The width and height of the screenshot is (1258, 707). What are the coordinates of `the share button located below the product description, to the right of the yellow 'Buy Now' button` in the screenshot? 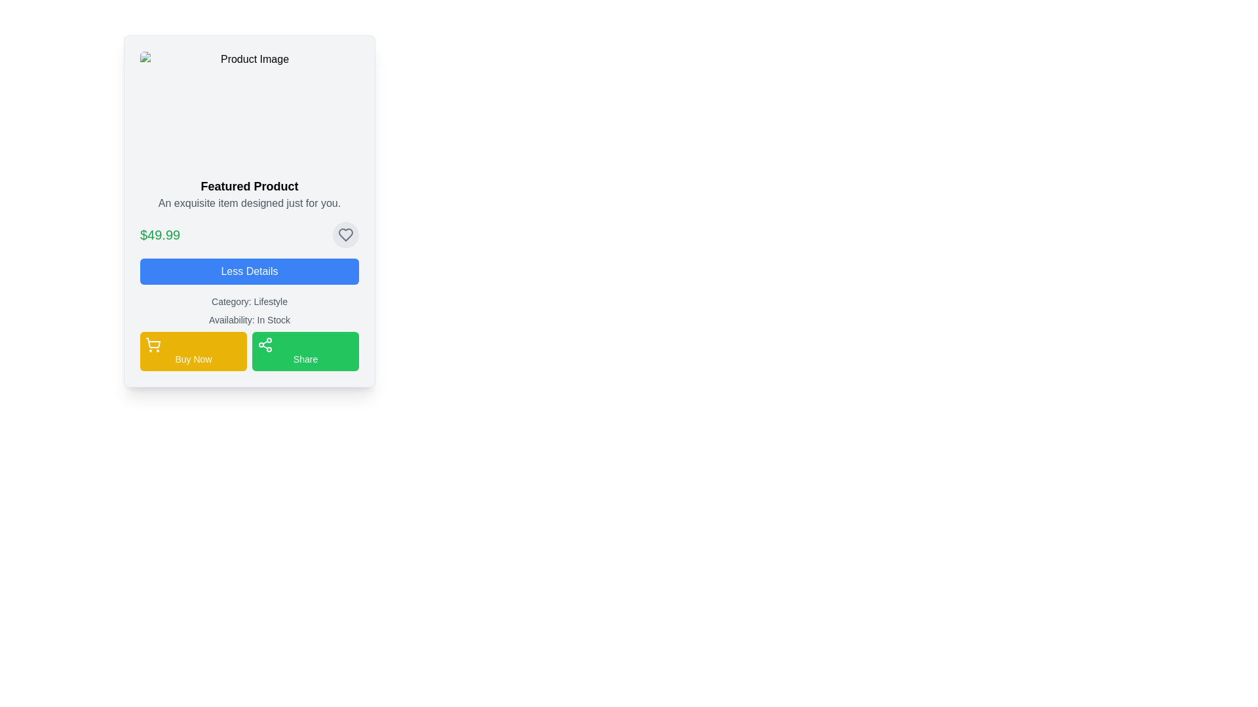 It's located at (305, 350).